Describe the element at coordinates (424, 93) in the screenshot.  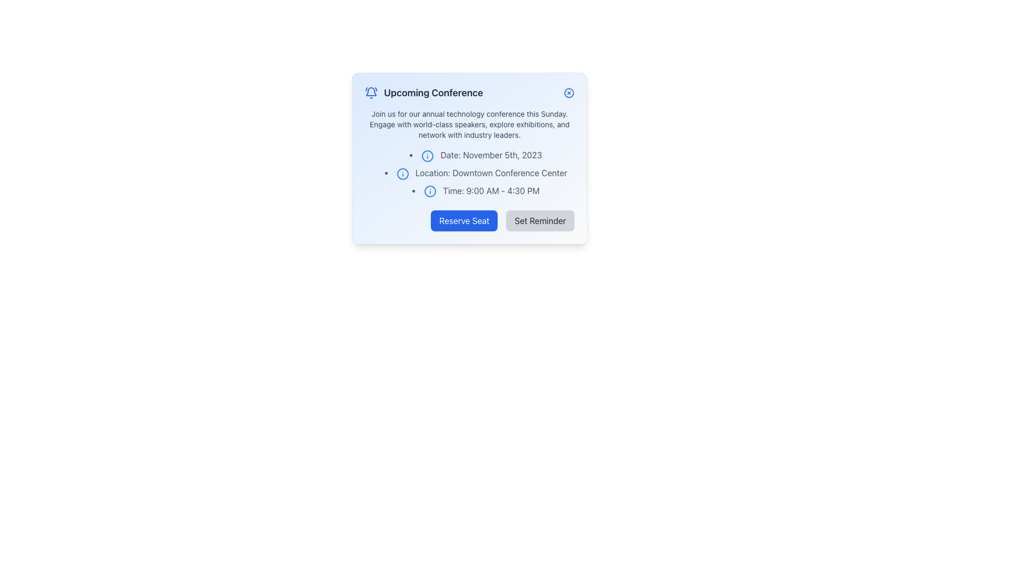
I see `title text of the Text with Icon (combined) element located in the top-left corner of the card-like section` at that location.